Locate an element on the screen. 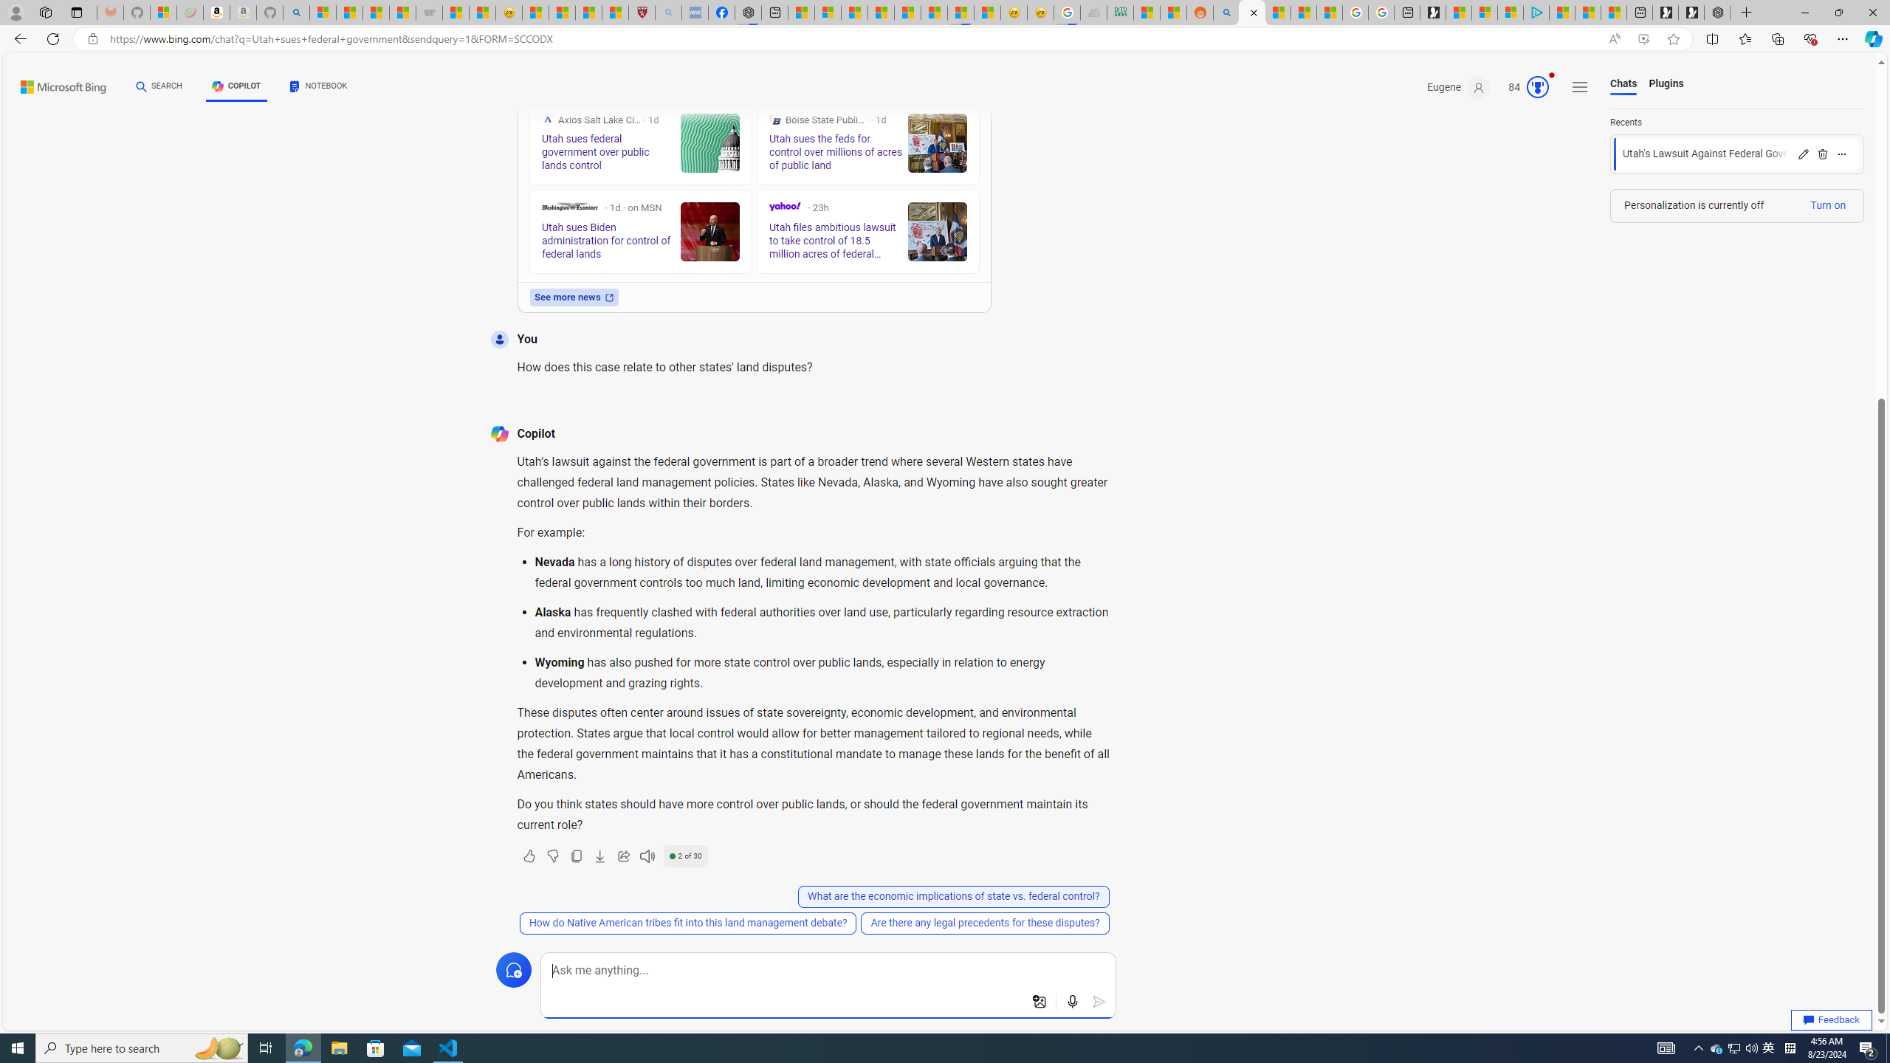 This screenshot has height=1063, width=1890. 'NOTEBOOK' is located at coordinates (318, 86).